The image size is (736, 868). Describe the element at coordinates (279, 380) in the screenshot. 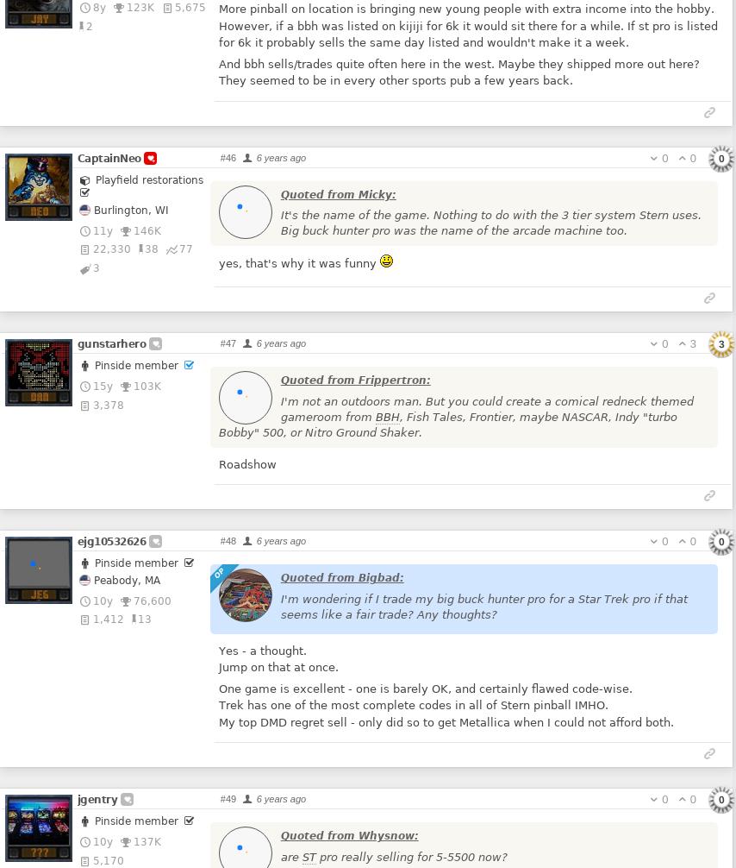

I see `'Quoted from Frippertron:'` at that location.